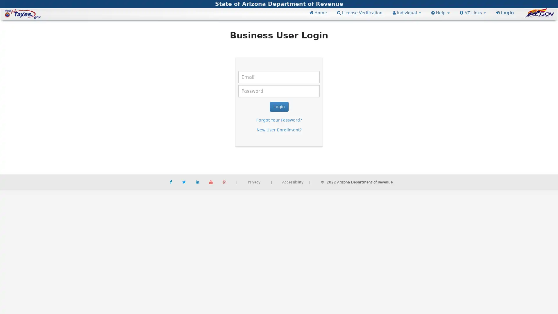 The width and height of the screenshot is (558, 314). What do you see at coordinates (278, 119) in the screenshot?
I see `Forgot Your Password?` at bounding box center [278, 119].